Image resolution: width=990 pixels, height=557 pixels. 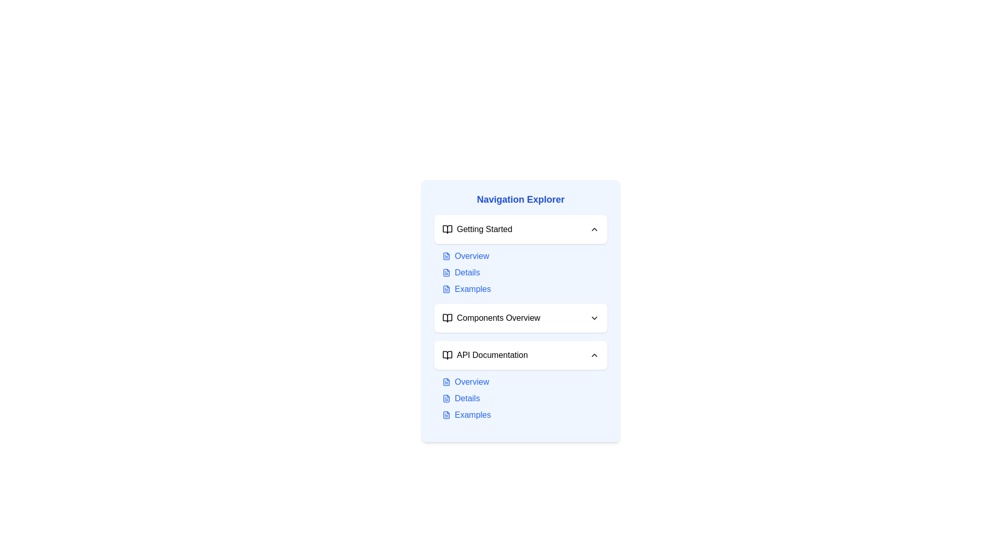 I want to click on the icon representing the 'Components Overview' section in the navigation menu, located at the top-left of the section before the text label, so click(x=448, y=318).